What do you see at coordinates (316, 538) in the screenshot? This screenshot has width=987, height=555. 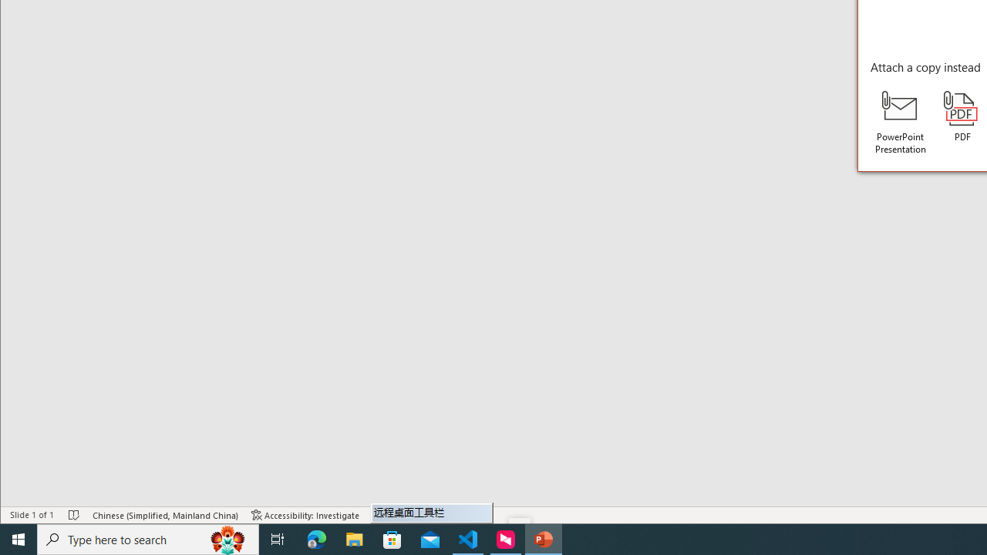 I see `'Microsoft Edge'` at bounding box center [316, 538].